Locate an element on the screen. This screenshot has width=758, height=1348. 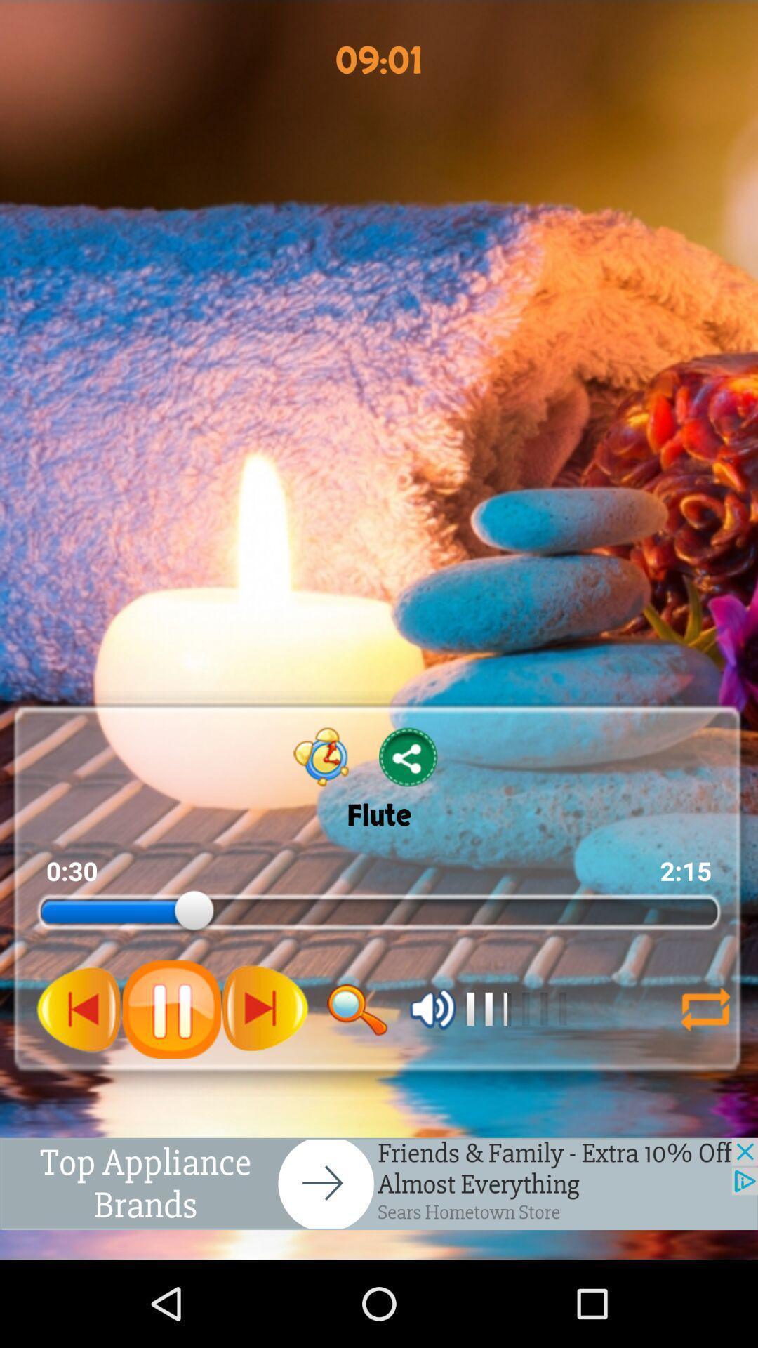
next track is located at coordinates (265, 1008).